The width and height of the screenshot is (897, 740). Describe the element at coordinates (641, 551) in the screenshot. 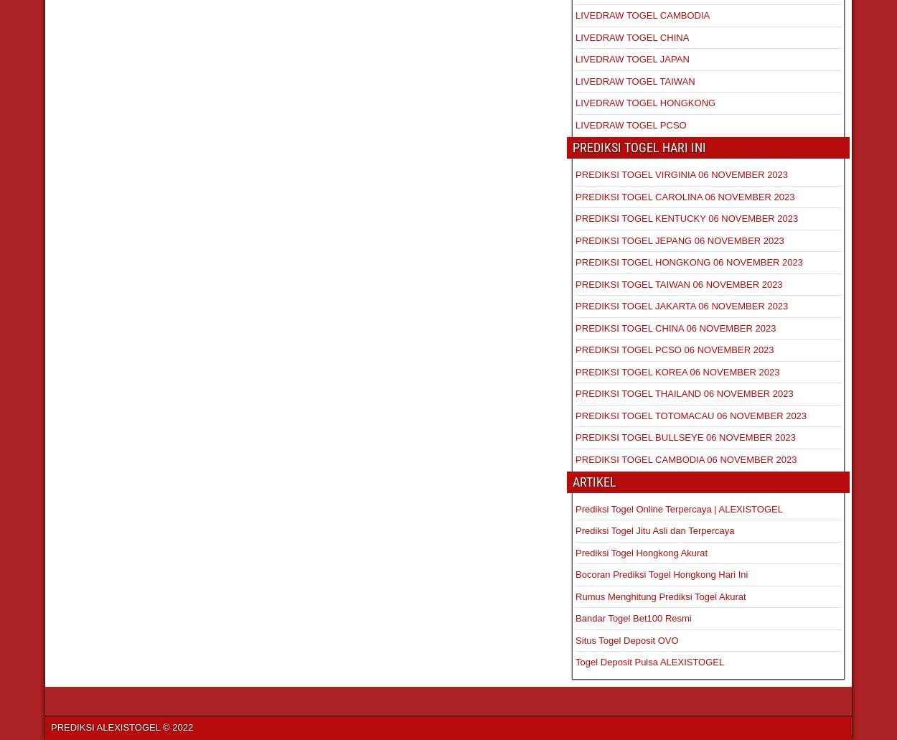

I see `'Prediksi Togel Hongkong Akurat'` at that location.